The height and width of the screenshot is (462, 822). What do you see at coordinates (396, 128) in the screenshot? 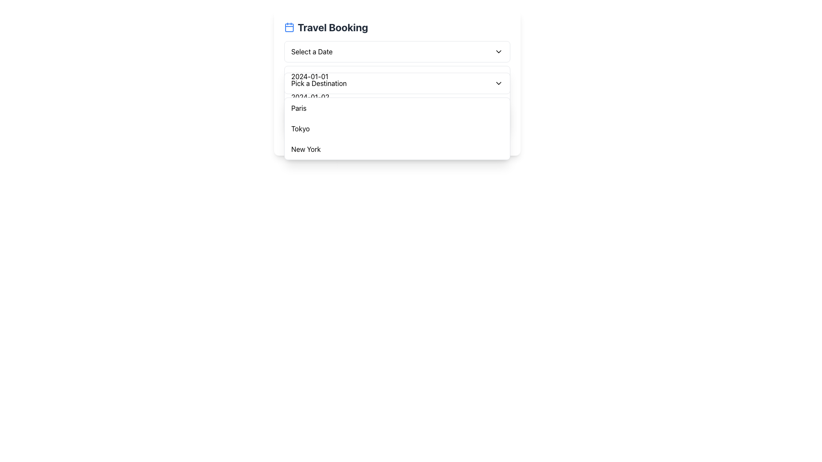
I see `the 'Tokyo' option in the dropdown menu` at bounding box center [396, 128].